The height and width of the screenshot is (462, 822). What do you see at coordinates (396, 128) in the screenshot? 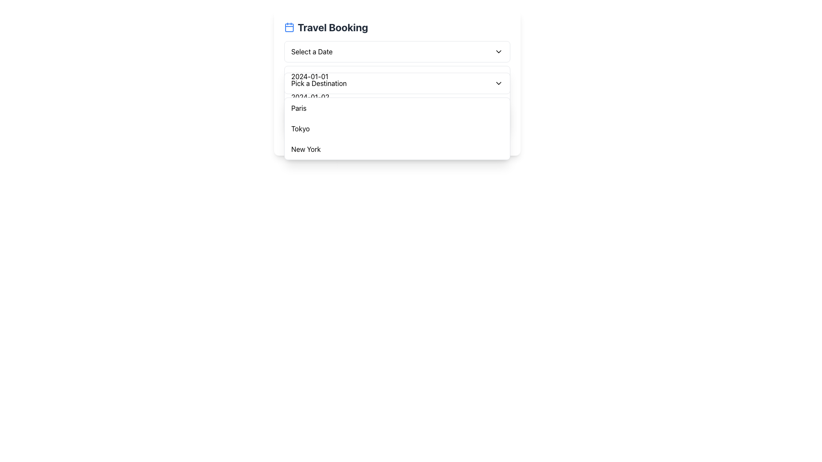
I see `the 'Tokyo' option in the dropdown menu` at bounding box center [396, 128].